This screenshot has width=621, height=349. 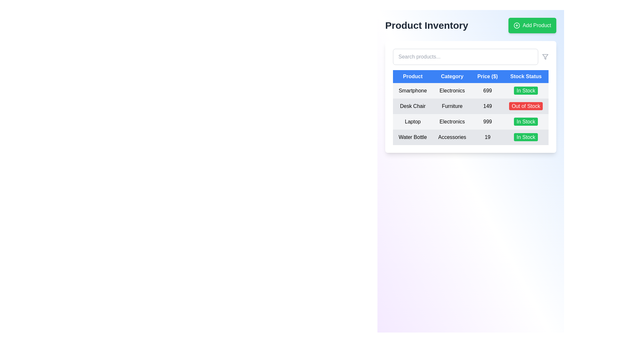 I want to click on text from the 'Price ($)' header cell in the product inventory table, which is the third header cell in the row, so click(x=487, y=76).